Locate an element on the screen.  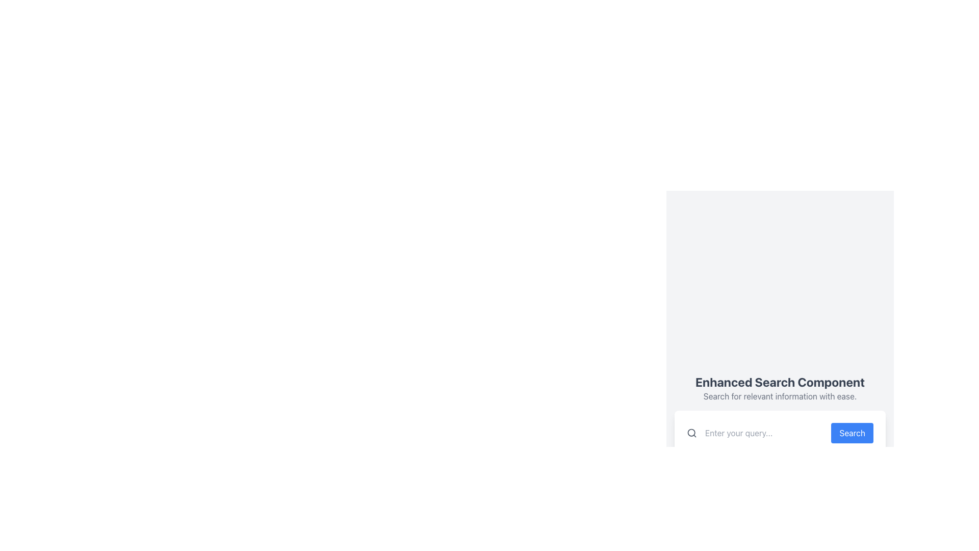
the descriptive subtitle text element located below the 'Enhanced Search Component.' is located at coordinates (780, 395).